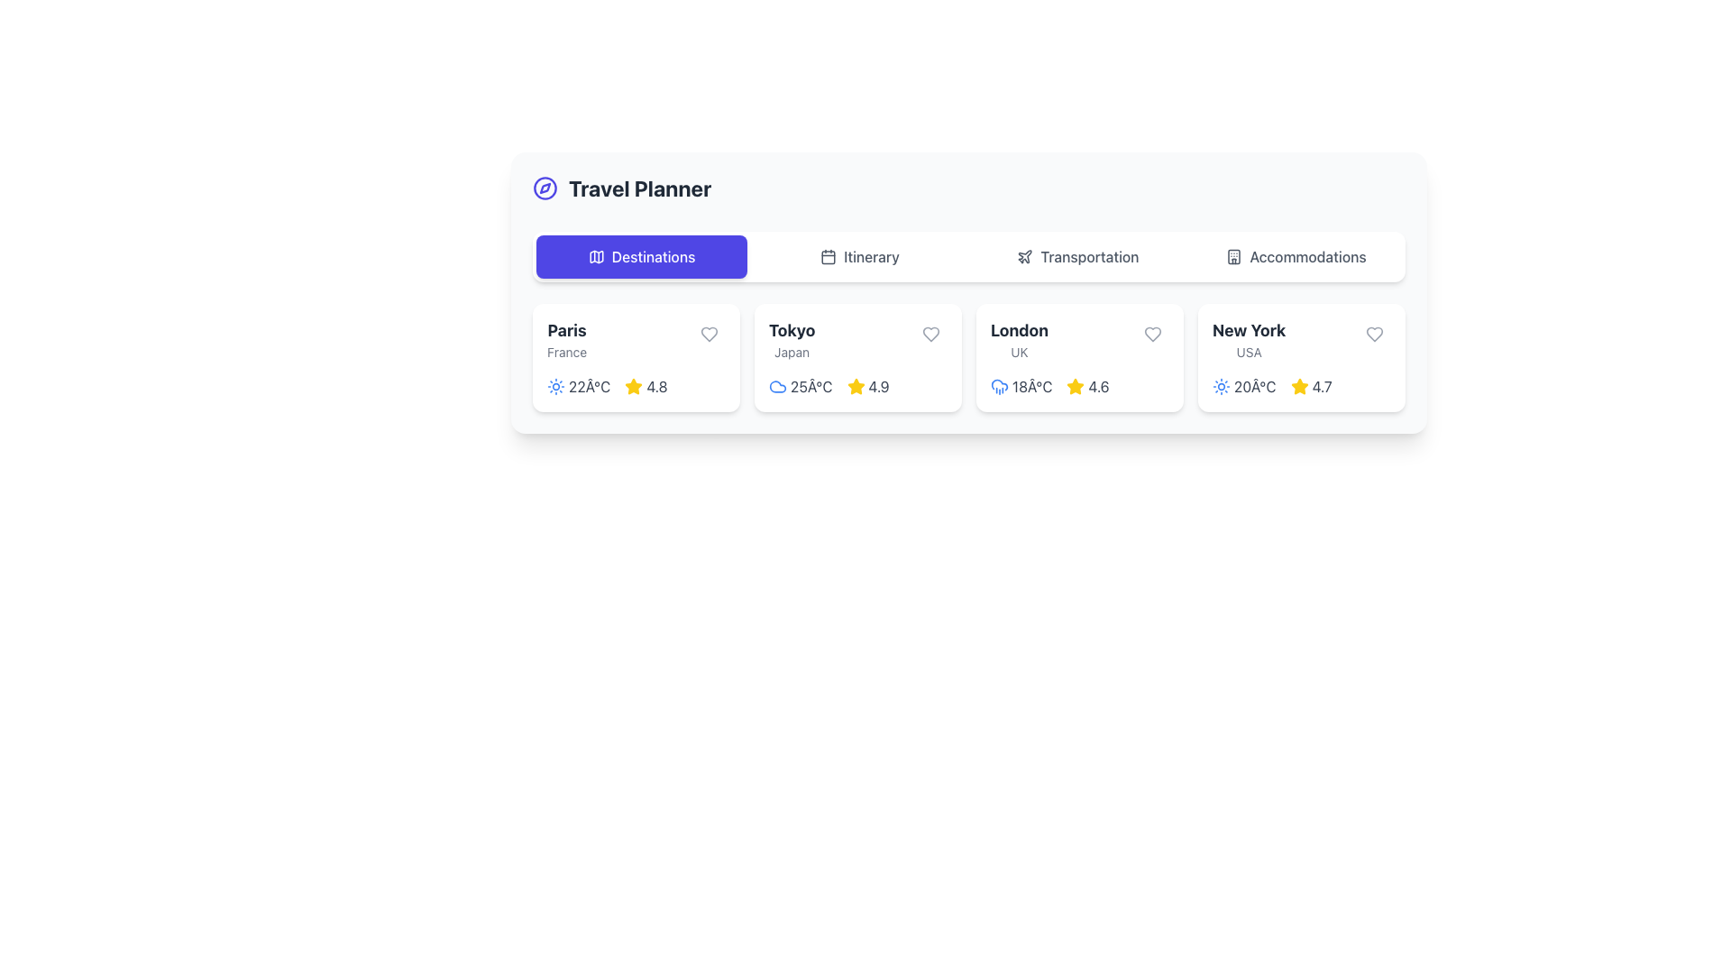 Image resolution: width=1731 pixels, height=974 pixels. I want to click on the leftmost button in the navigation bar, so click(641, 257).